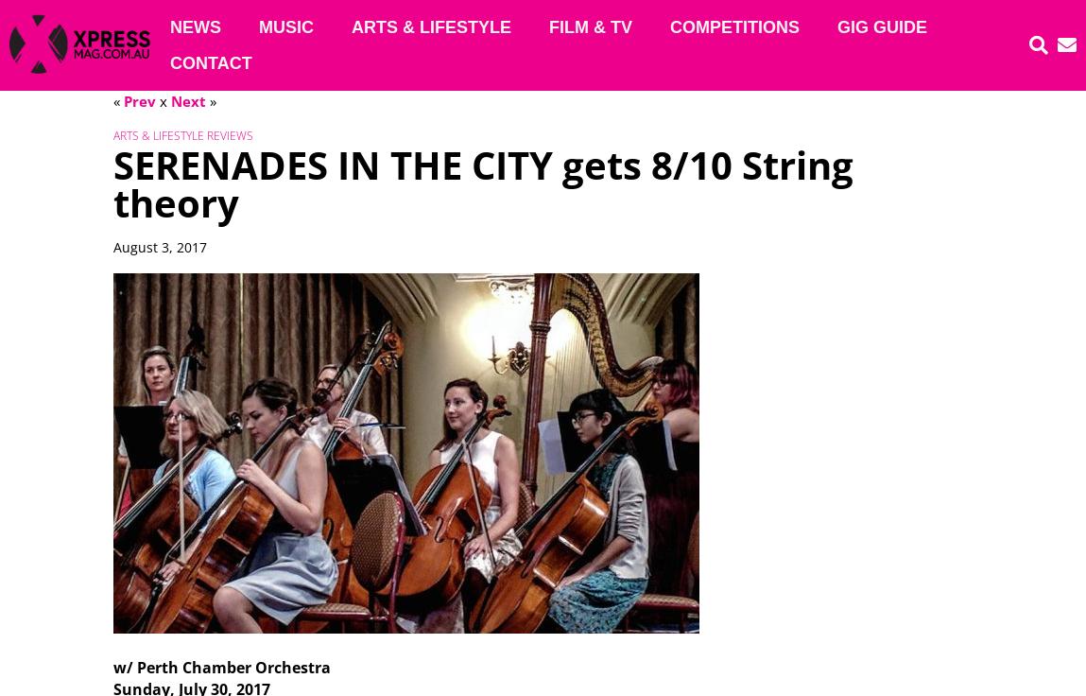 The image size is (1086, 696). What do you see at coordinates (181, 135) in the screenshot?
I see `'Arts & Lifestyle Reviews'` at bounding box center [181, 135].